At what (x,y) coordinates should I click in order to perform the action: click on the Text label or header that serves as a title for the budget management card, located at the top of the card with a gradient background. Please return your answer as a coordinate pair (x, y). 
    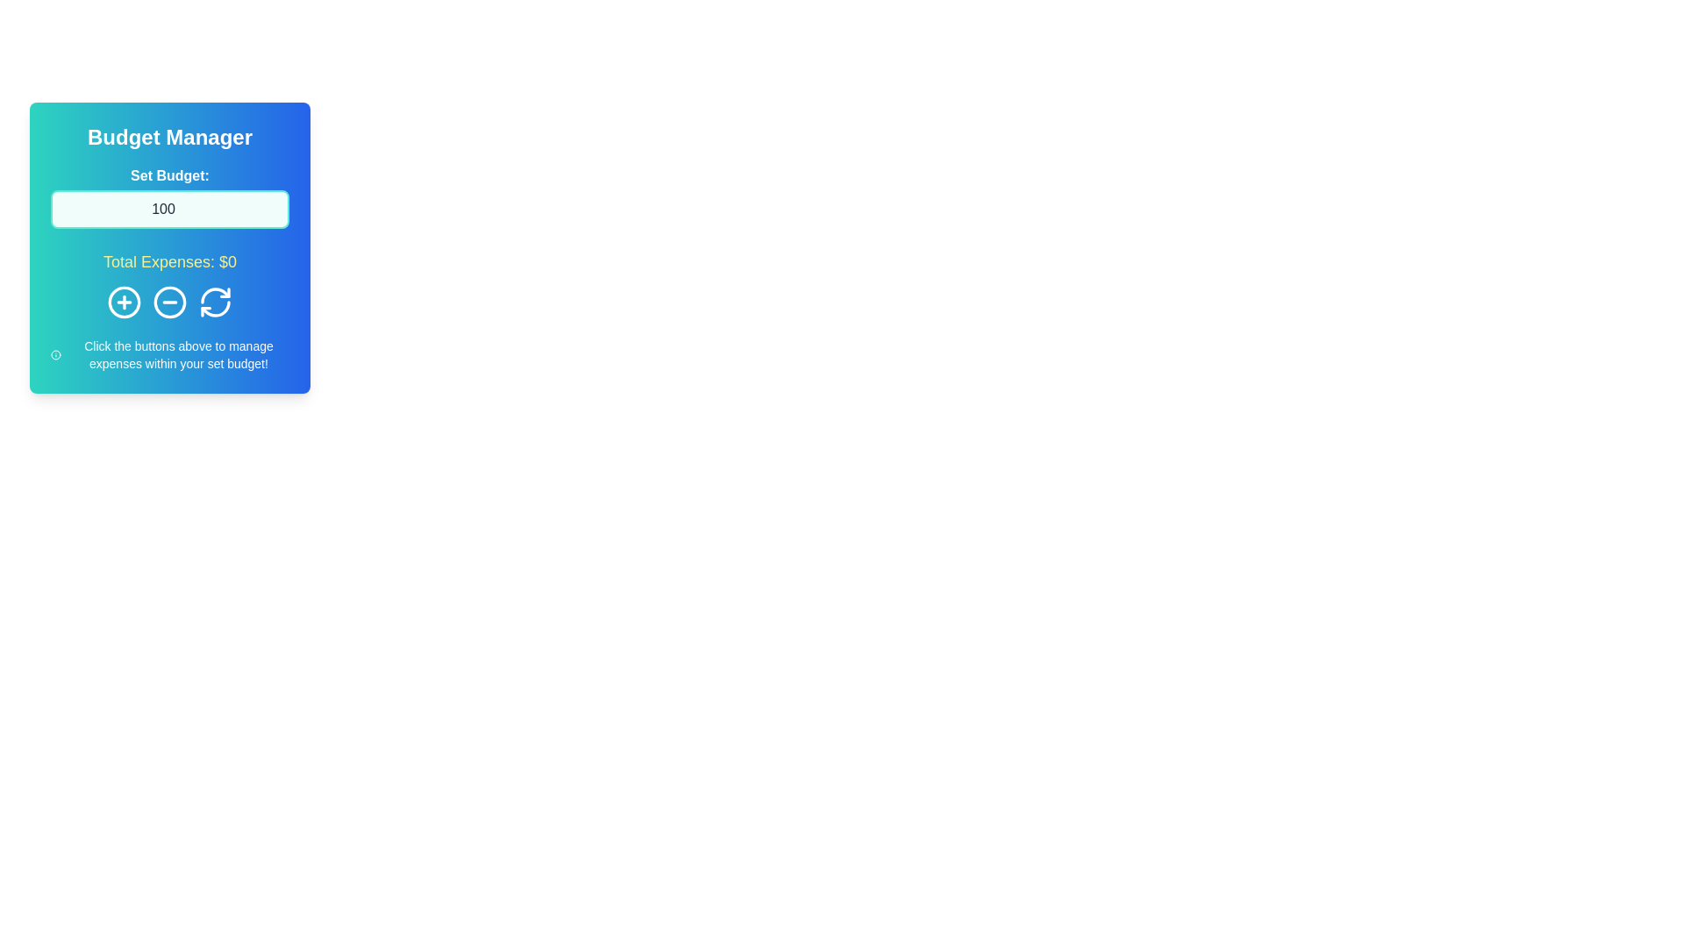
    Looking at the image, I should click on (169, 137).